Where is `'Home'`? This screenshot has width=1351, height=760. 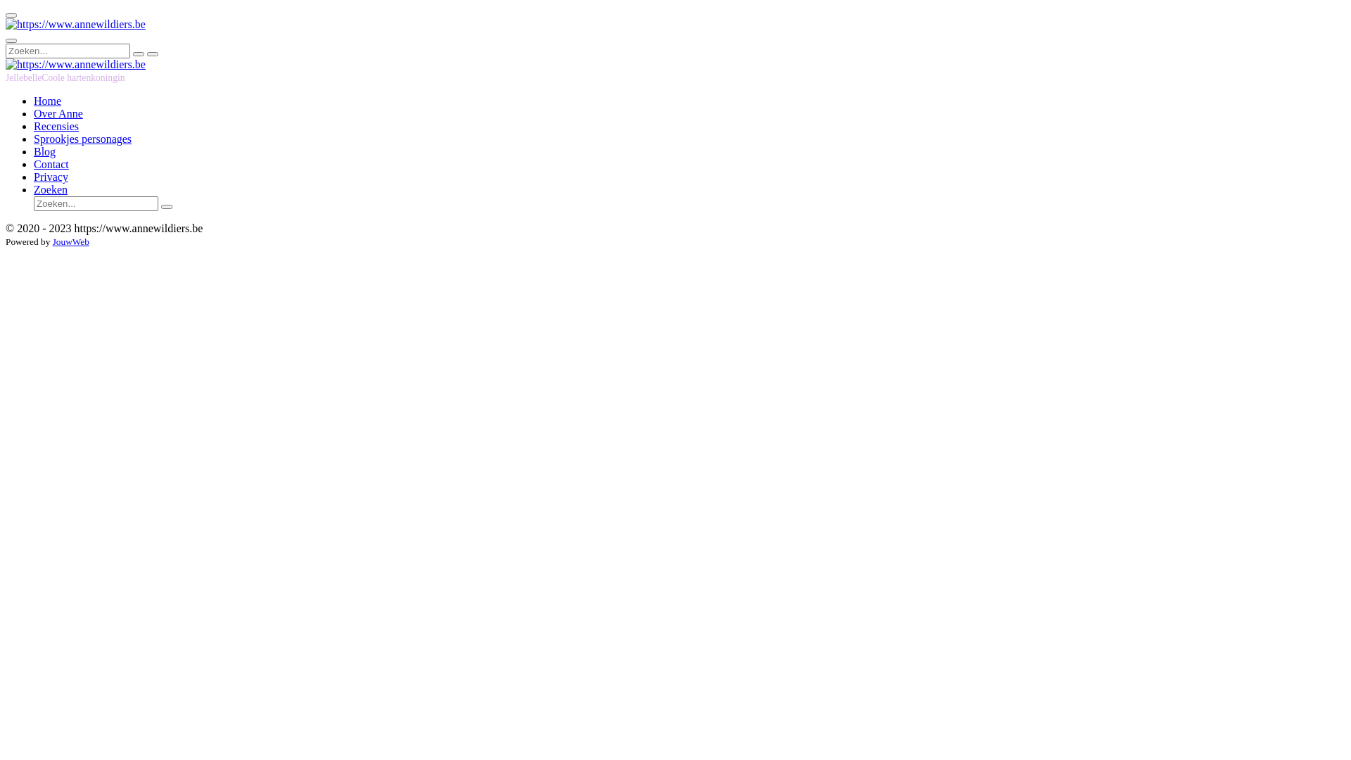 'Home' is located at coordinates (47, 100).